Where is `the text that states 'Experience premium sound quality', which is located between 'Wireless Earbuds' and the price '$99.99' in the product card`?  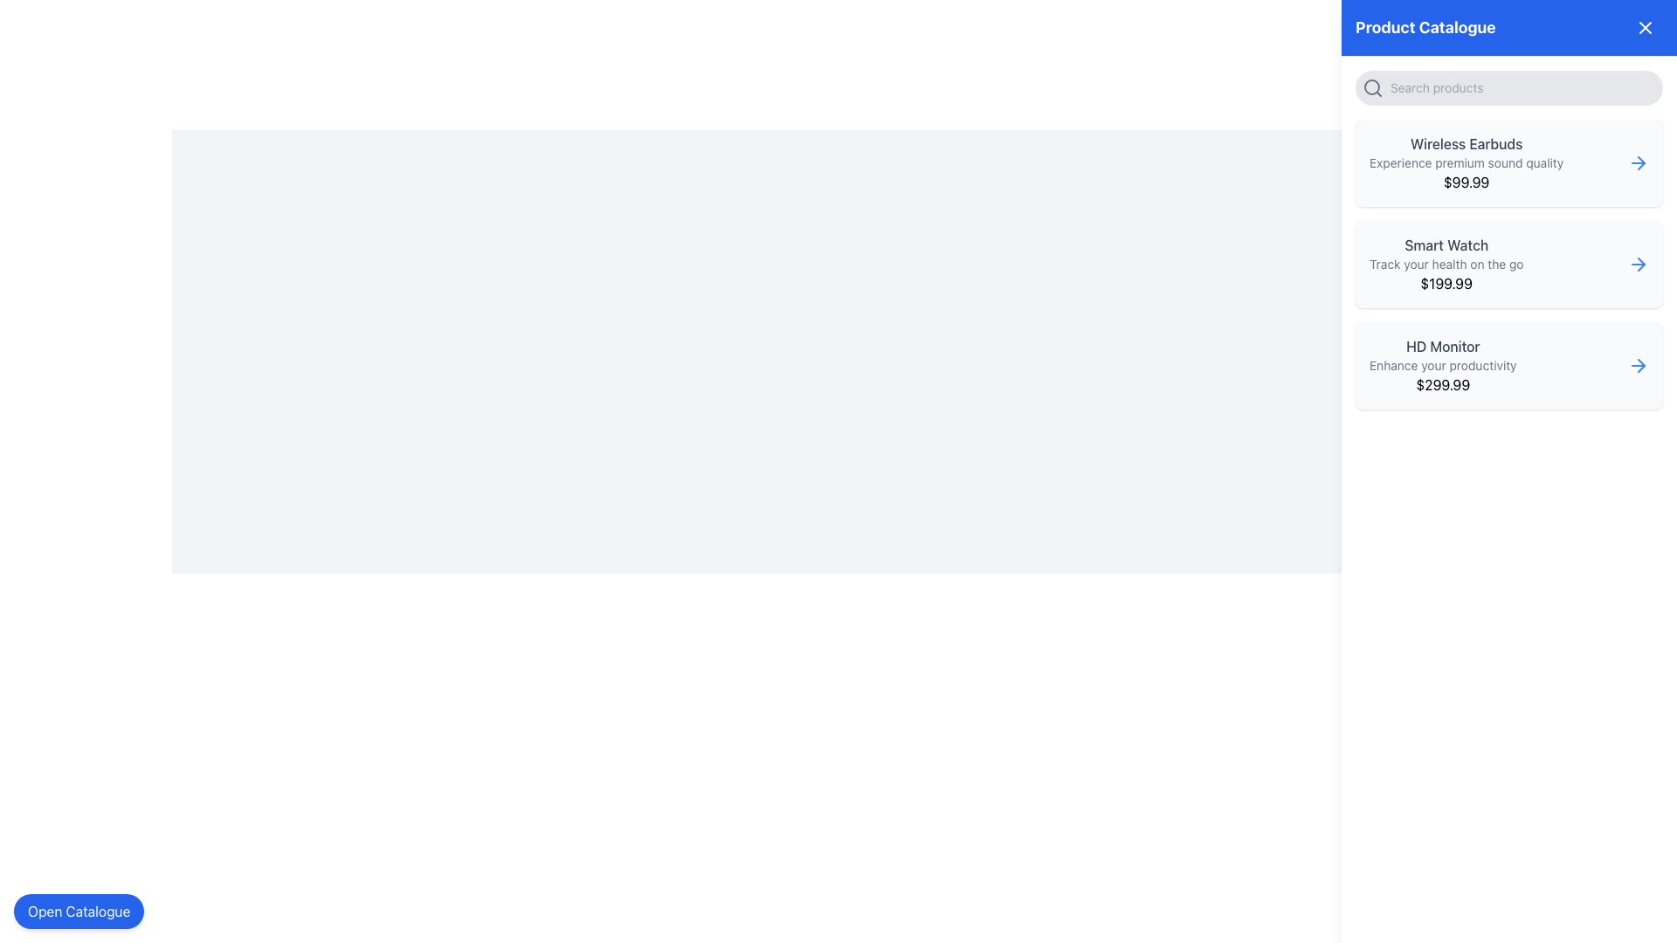 the text that states 'Experience premium sound quality', which is located between 'Wireless Earbuds' and the price '$99.99' in the product card is located at coordinates (1467, 162).